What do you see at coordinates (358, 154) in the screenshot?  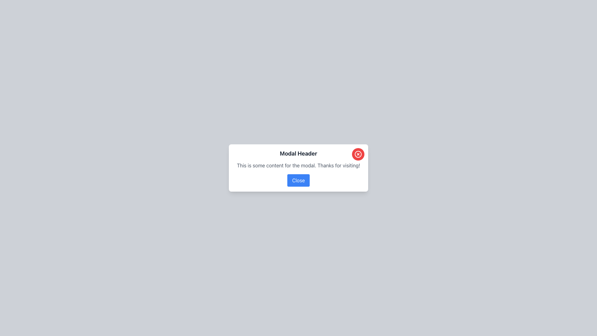 I see `the circular red button with a white 'X' icon, located at the top-right corner of the modal with the header 'Modal Header'` at bounding box center [358, 154].